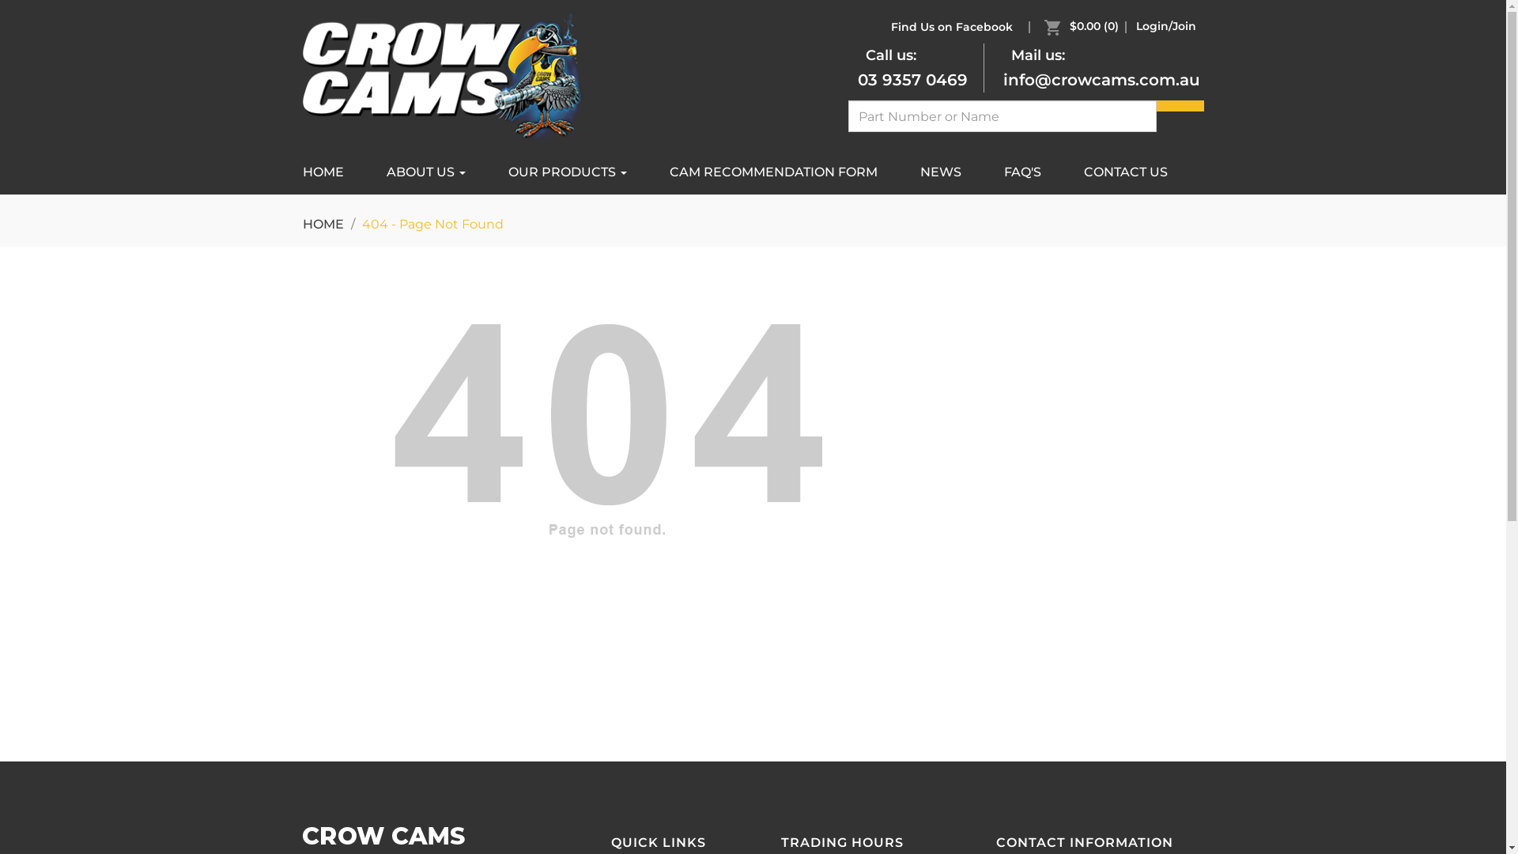  I want to click on 'CONTACT US', so click(1125, 172).